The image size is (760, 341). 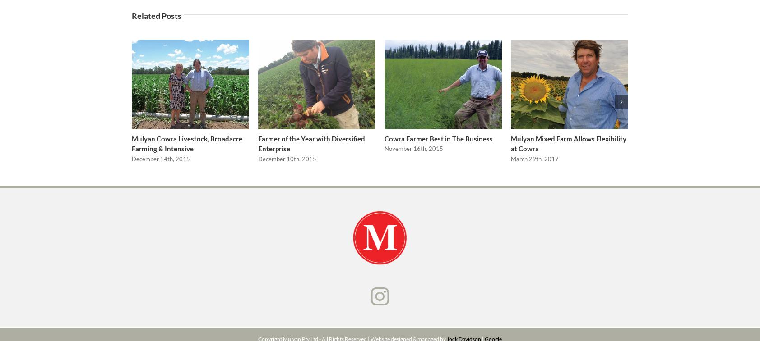 I want to click on 'Related Posts', so click(x=157, y=18).